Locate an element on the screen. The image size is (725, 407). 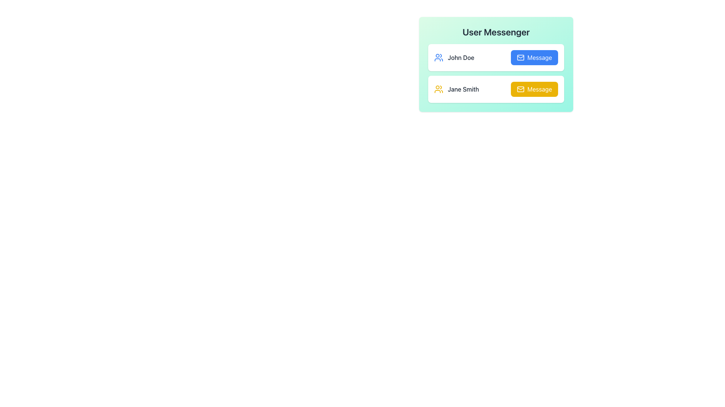
the user name displayed in the second entry of the 'User Messenger' section is located at coordinates (456, 89).